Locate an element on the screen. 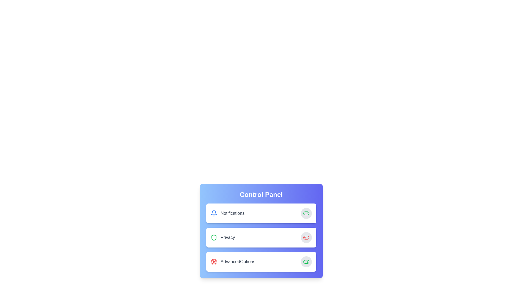 The width and height of the screenshot is (528, 297). the Header Text located at the top of the blue and purple gradient card, which indicates the context for the options labeled 'Notifications', 'Privacy', and 'Advanced Options' is located at coordinates (261, 194).